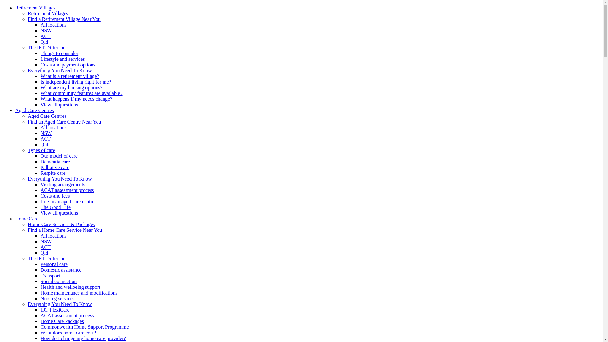  What do you see at coordinates (61, 270) in the screenshot?
I see `'Domestic assistance'` at bounding box center [61, 270].